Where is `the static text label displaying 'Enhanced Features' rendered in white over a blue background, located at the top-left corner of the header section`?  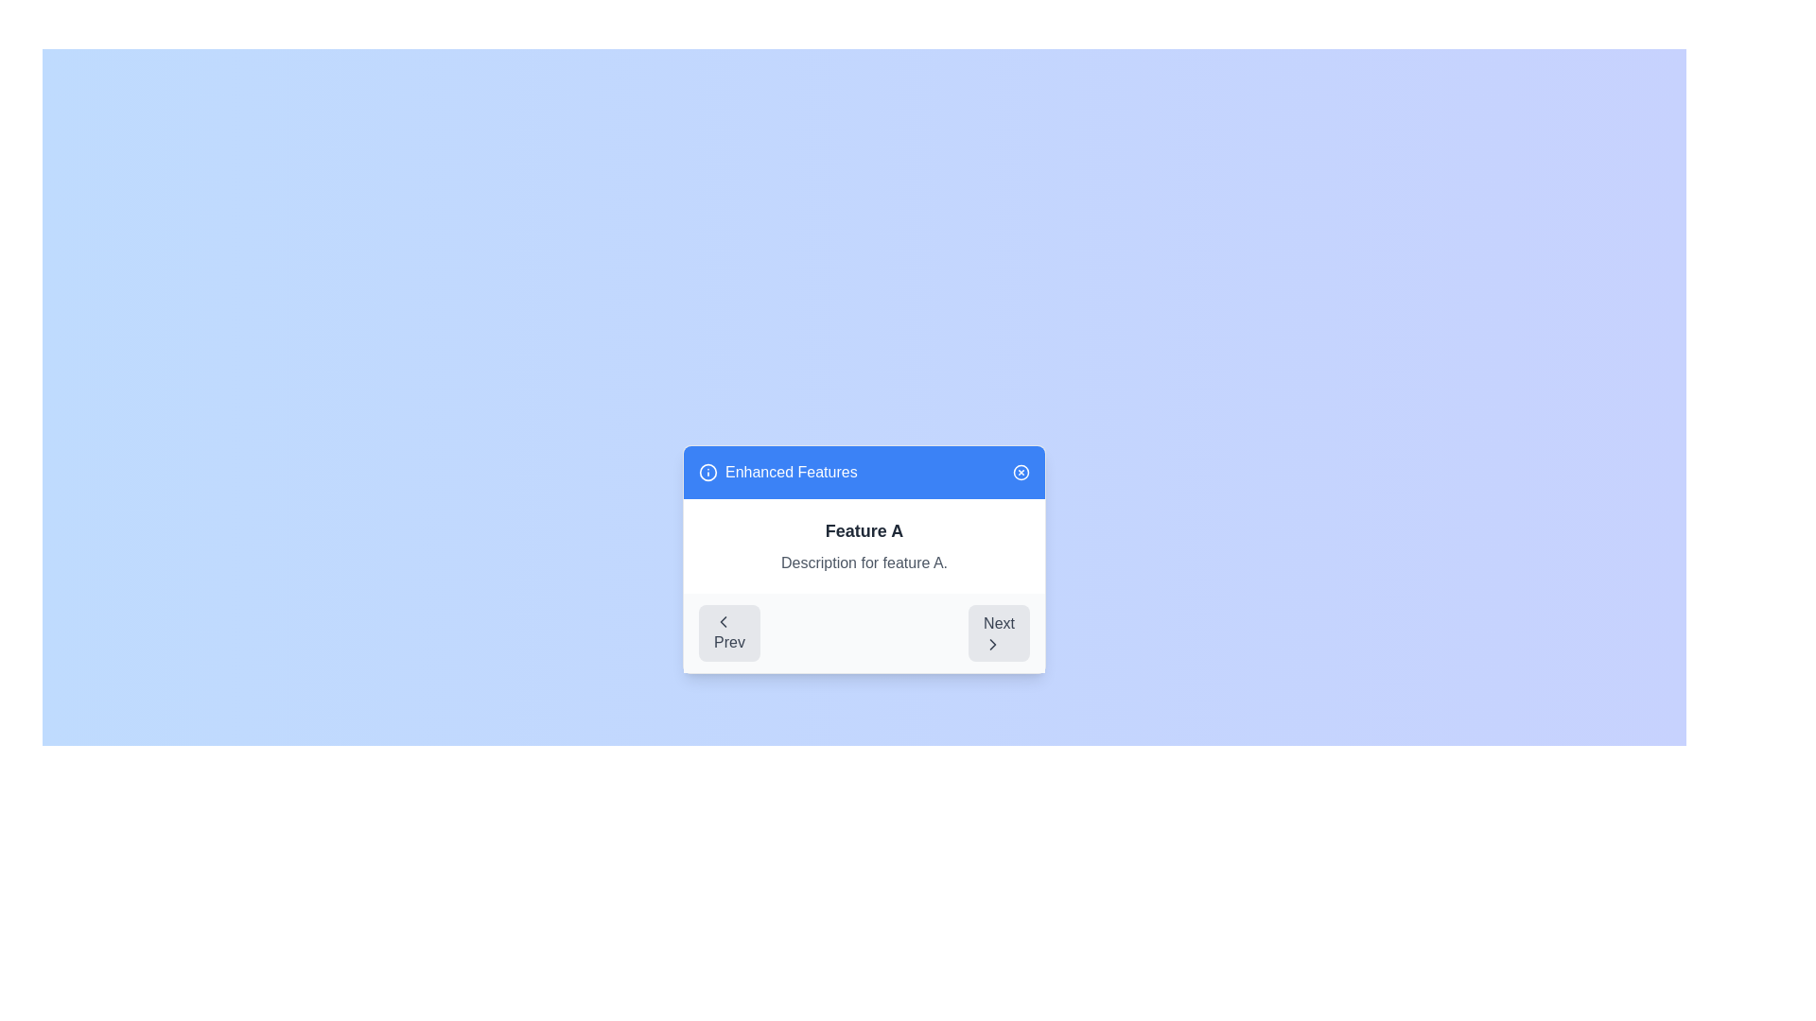
the static text label displaying 'Enhanced Features' rendered in white over a blue background, located at the top-left corner of the header section is located at coordinates (791, 472).